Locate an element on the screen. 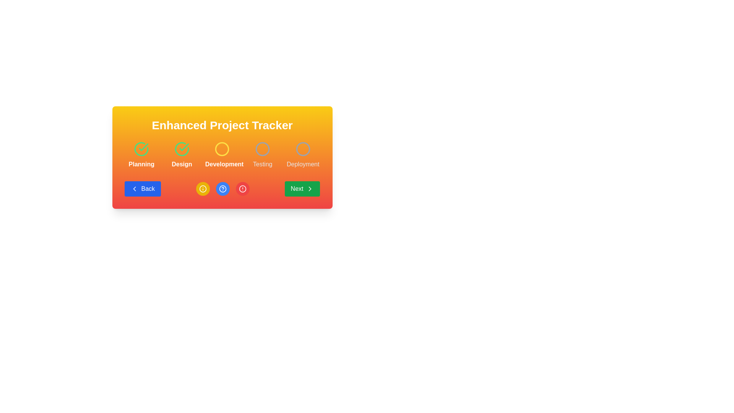 The image size is (734, 413). the green checkmark icon representing the 'Design' phase in the Enhanced Project Tracker, located in the middle of the second row of classification icons is located at coordinates (181, 149).